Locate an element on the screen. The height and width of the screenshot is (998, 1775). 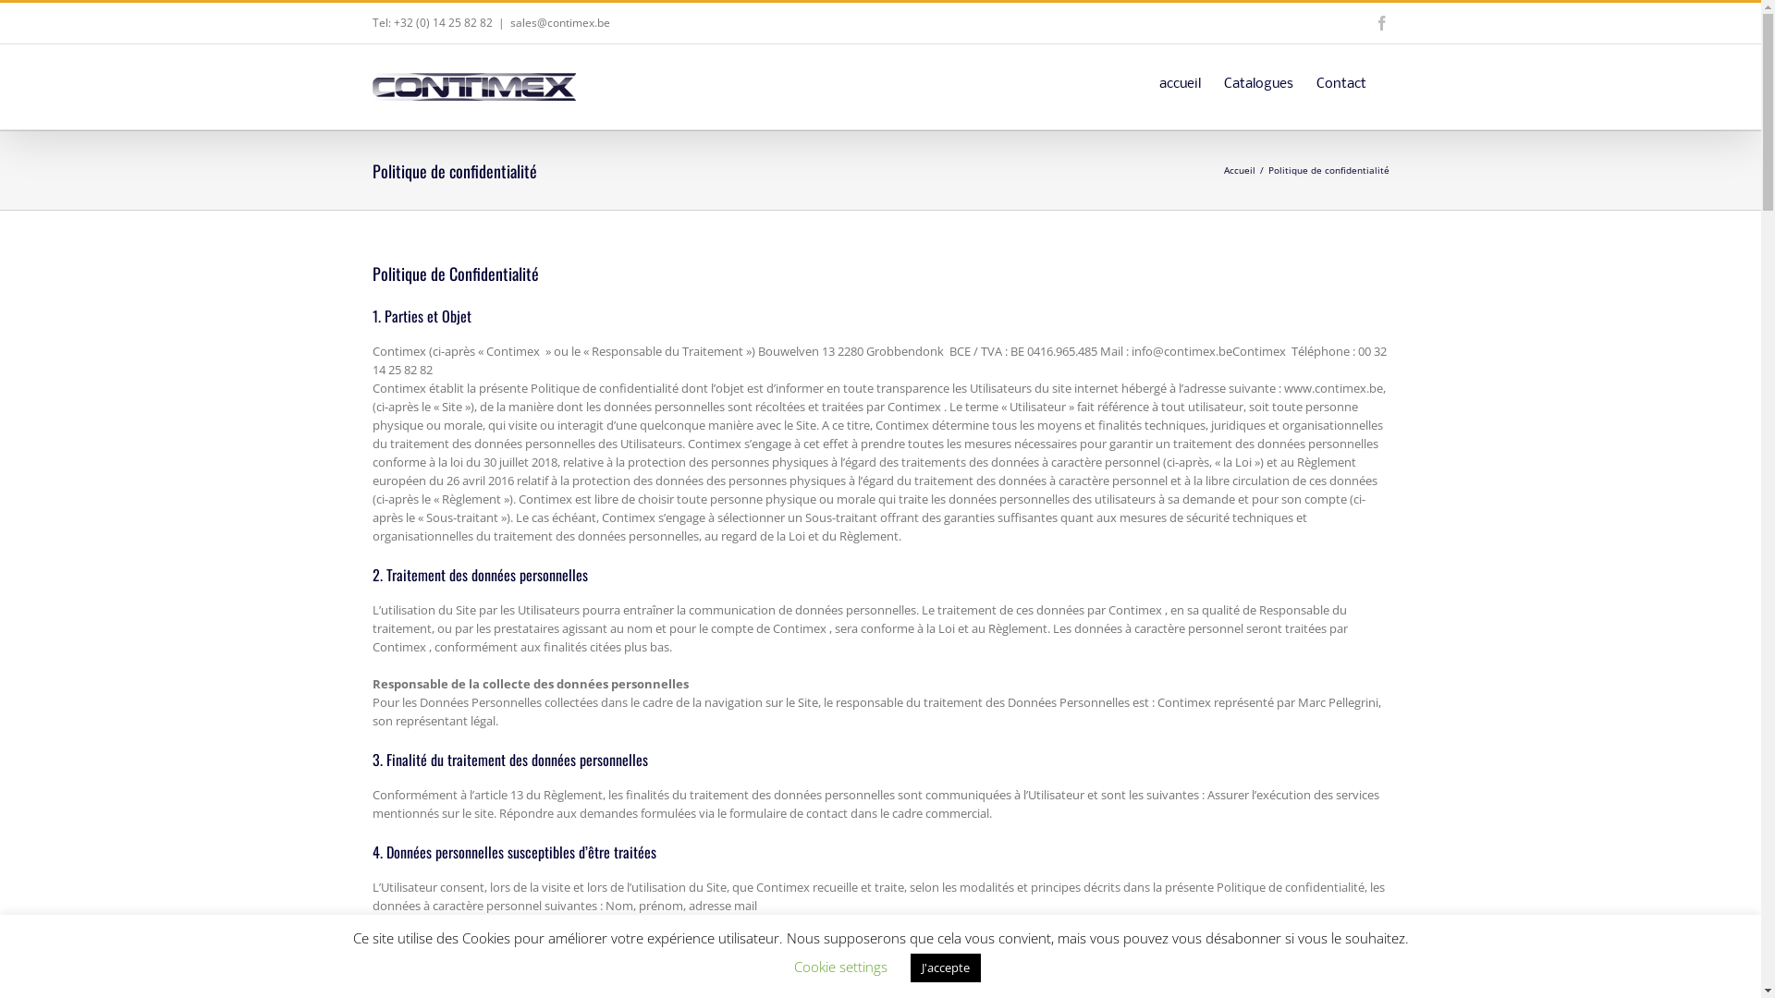
'Facebook' is located at coordinates (1380, 22).